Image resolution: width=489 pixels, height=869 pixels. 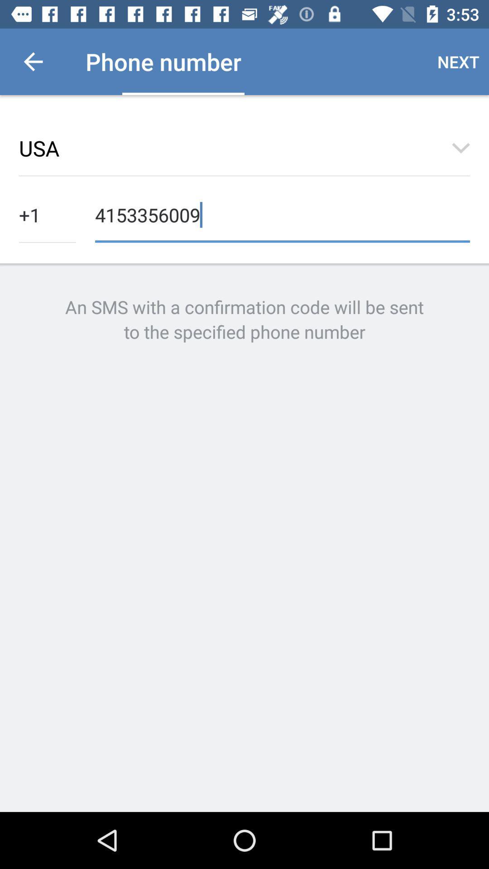 I want to click on the +1, so click(x=47, y=214).